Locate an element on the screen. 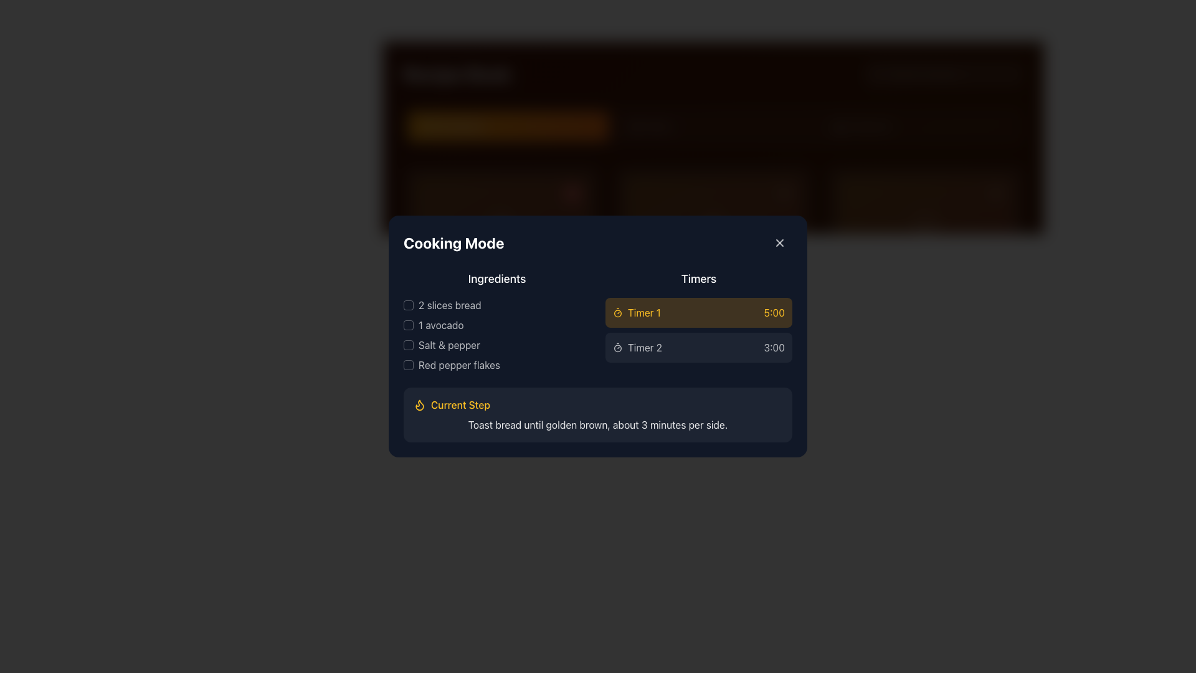  the Text element displaying the remaining time for 'Timer 2' in the cooking mode interface, located on the right side of the 'Timer 2' label within the 'Timers' section of the 'Cooking Mode' modal is located at coordinates (774, 348).